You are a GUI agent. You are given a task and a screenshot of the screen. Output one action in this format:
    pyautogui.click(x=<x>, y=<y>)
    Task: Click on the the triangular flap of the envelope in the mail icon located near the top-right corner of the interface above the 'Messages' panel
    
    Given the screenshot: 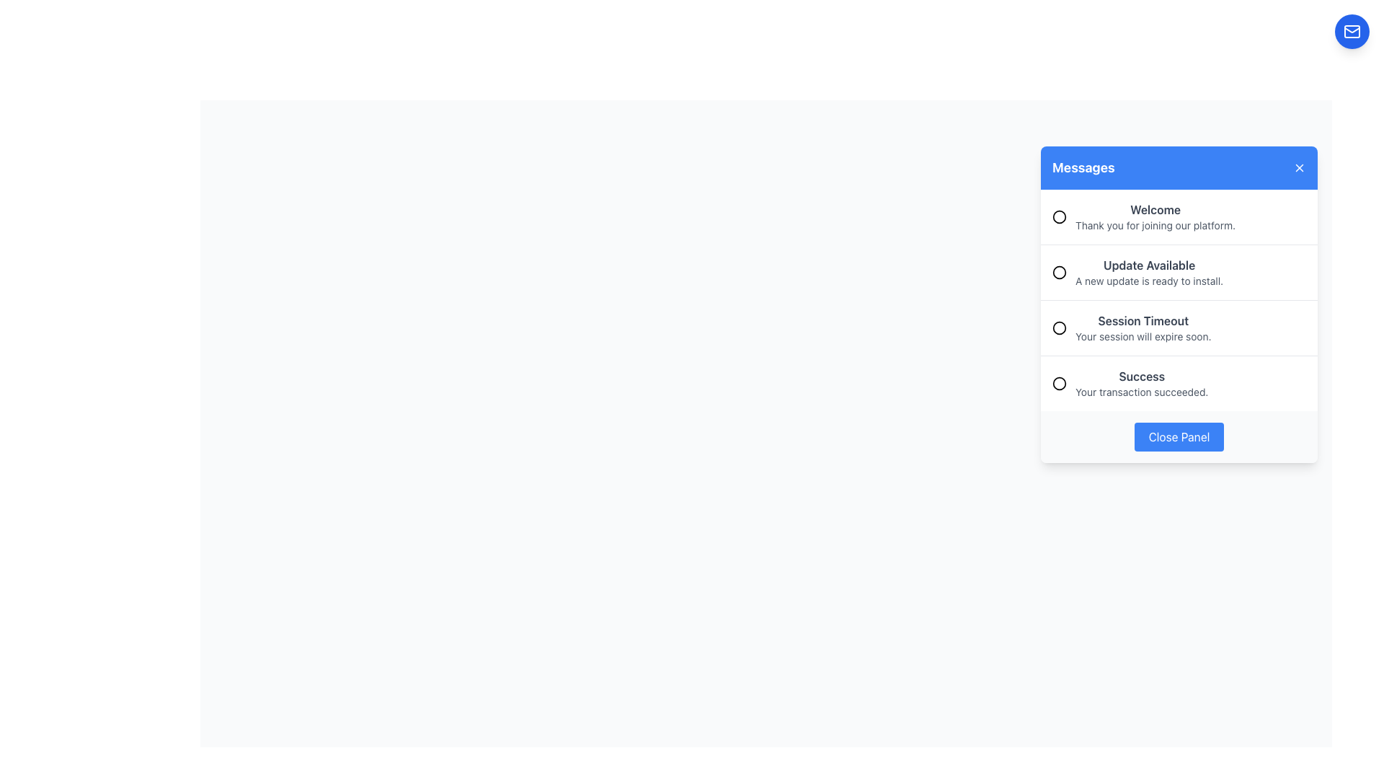 What is the action you would take?
    pyautogui.click(x=1352, y=30)
    